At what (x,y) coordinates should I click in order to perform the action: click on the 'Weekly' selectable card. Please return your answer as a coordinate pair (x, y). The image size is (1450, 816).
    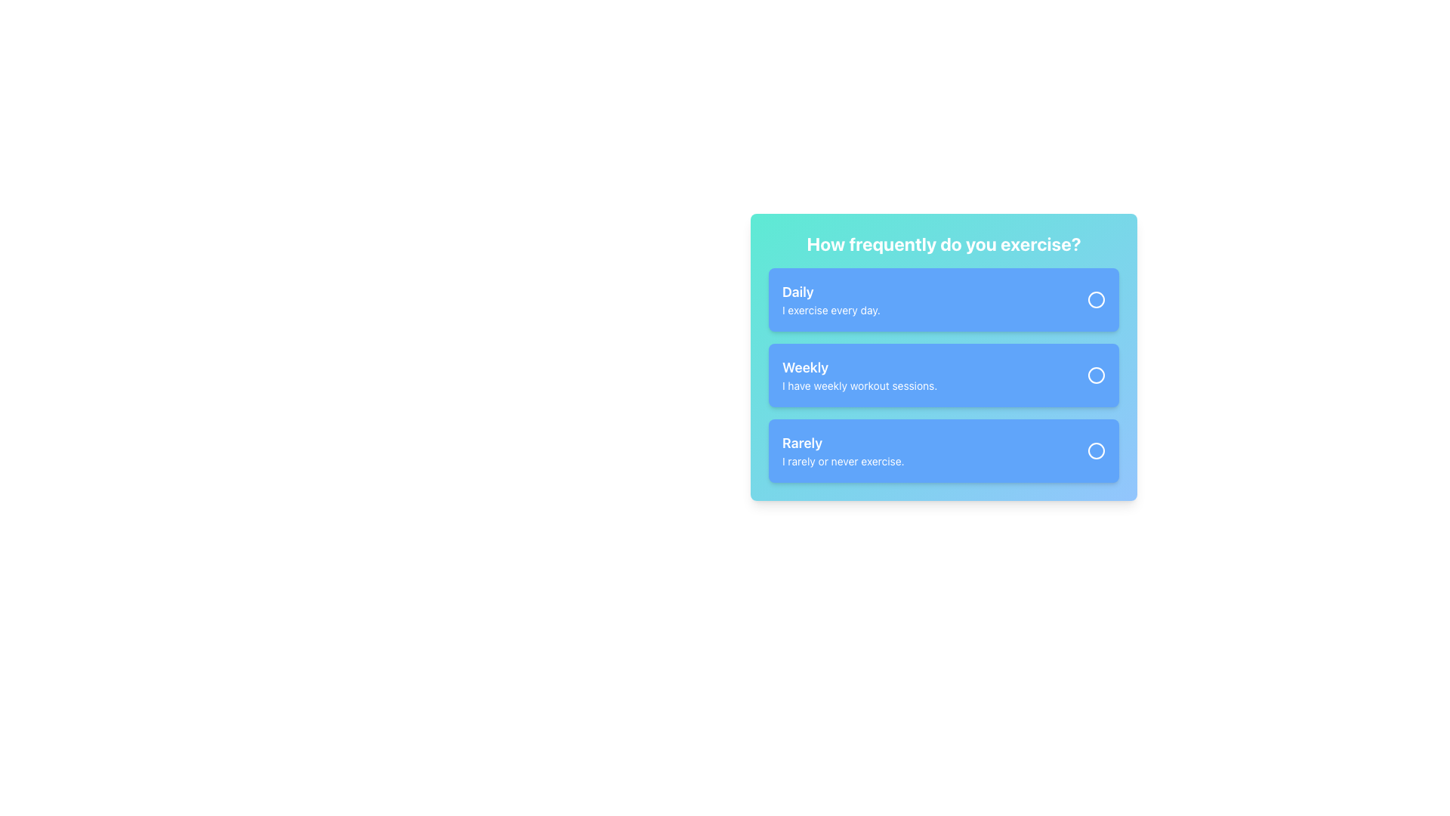
    Looking at the image, I should click on (942, 375).